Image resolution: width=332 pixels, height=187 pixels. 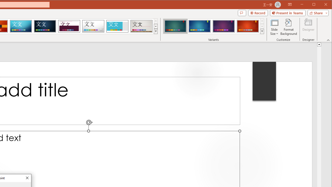 What do you see at coordinates (224, 26) in the screenshot?
I see `'Ion Variant 3'` at bounding box center [224, 26].